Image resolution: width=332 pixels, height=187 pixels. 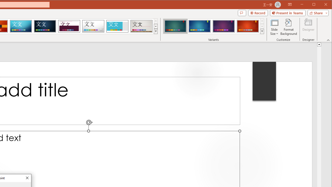 What do you see at coordinates (224, 26) in the screenshot?
I see `'Ion Variant 3'` at bounding box center [224, 26].